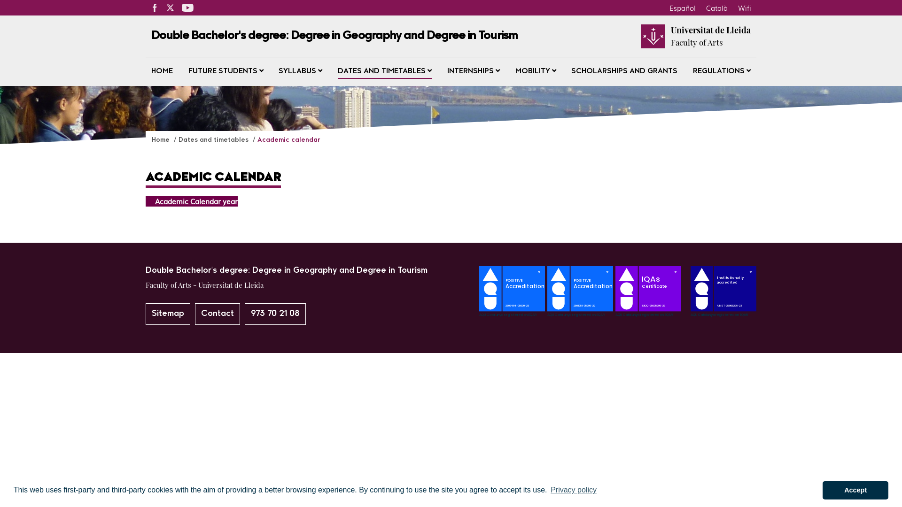 This screenshot has height=507, width=902. Describe the element at coordinates (217, 314) in the screenshot. I see `'Contact'` at that location.